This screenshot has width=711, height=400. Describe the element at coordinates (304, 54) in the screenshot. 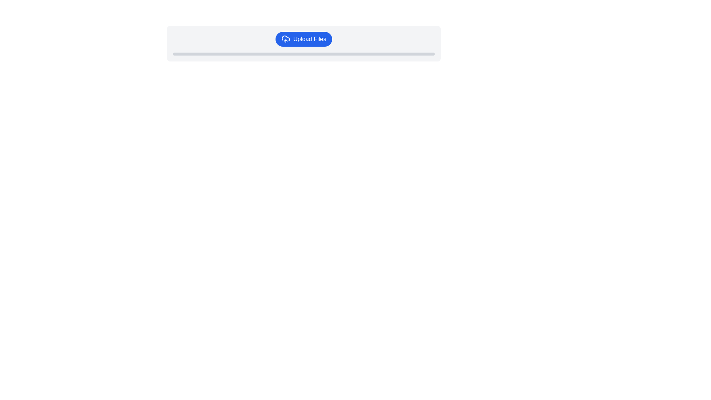

I see `the thin, rectangular progress bar with a light gray background located below the 'Upload Files' button` at that location.